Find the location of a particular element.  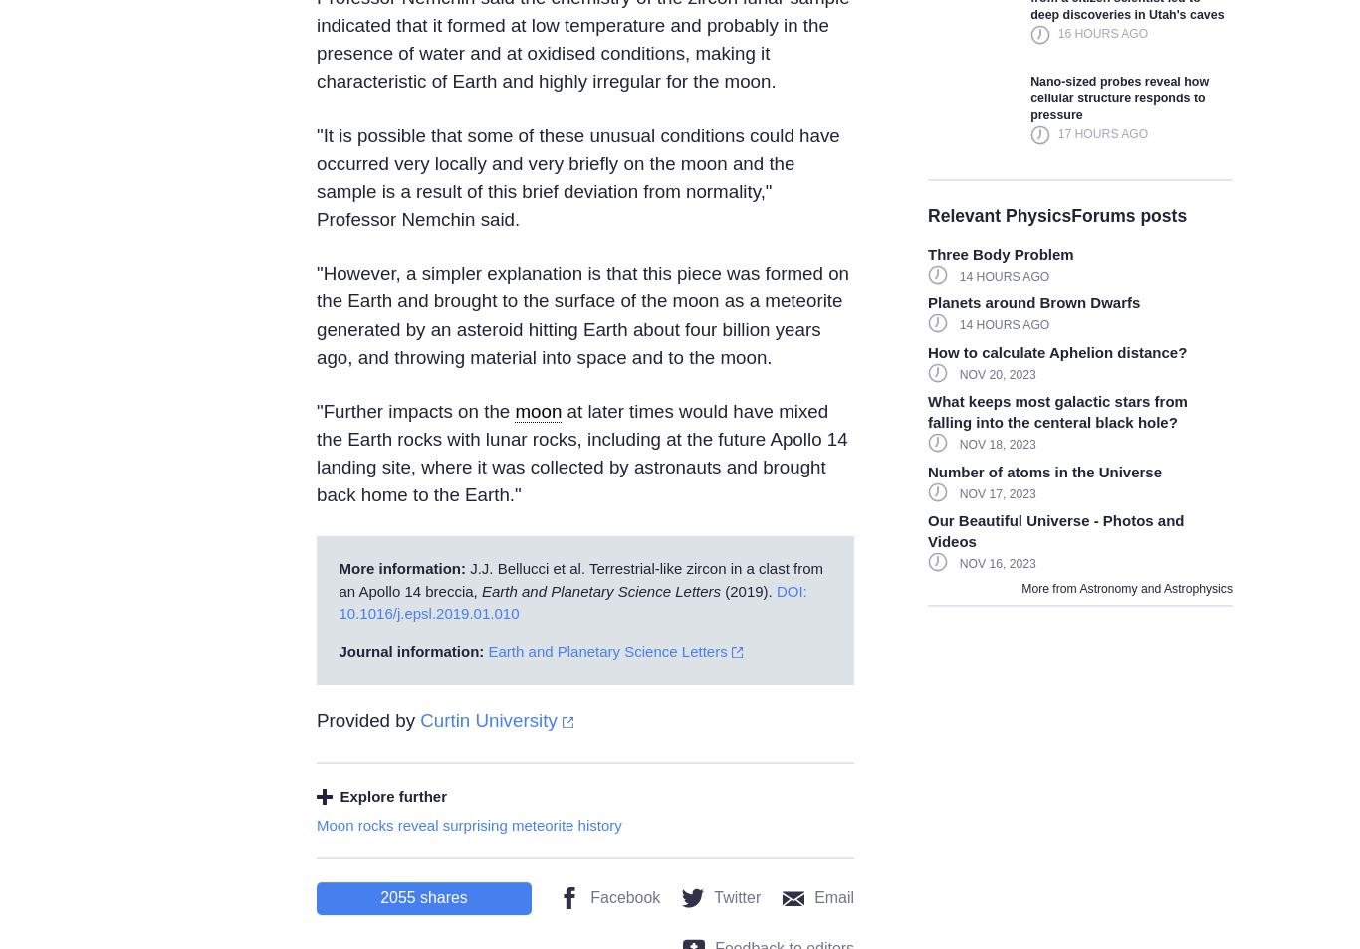

'Nano-sized probes reveal how cellular structure responds to pressure' is located at coordinates (1029, 96).